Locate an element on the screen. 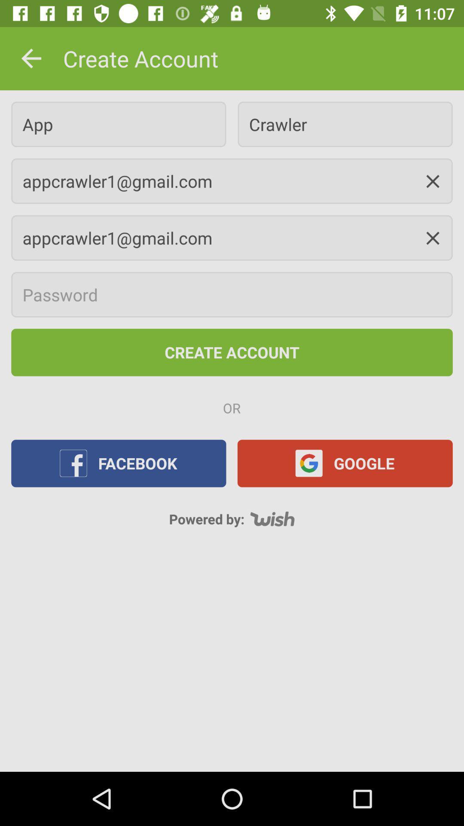 The image size is (464, 826). the crawler item is located at coordinates (345, 124).